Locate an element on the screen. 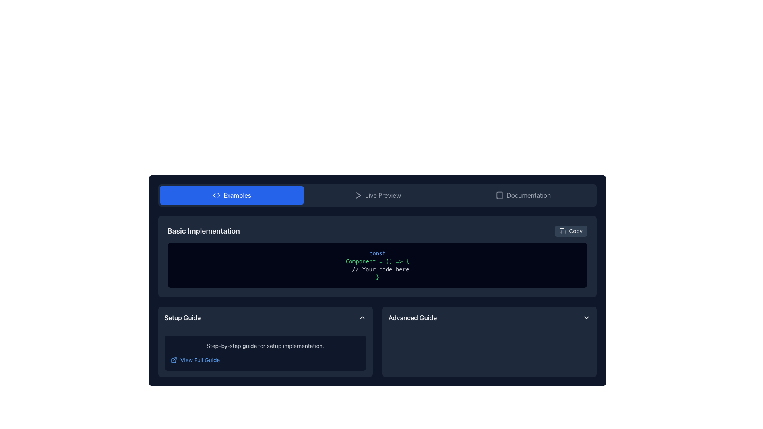 This screenshot has width=763, height=429. the icon located to the left of the text 'View Full Guide' in the bottom left portion of the interface within the 'Setup Guide' section is located at coordinates (173, 360).